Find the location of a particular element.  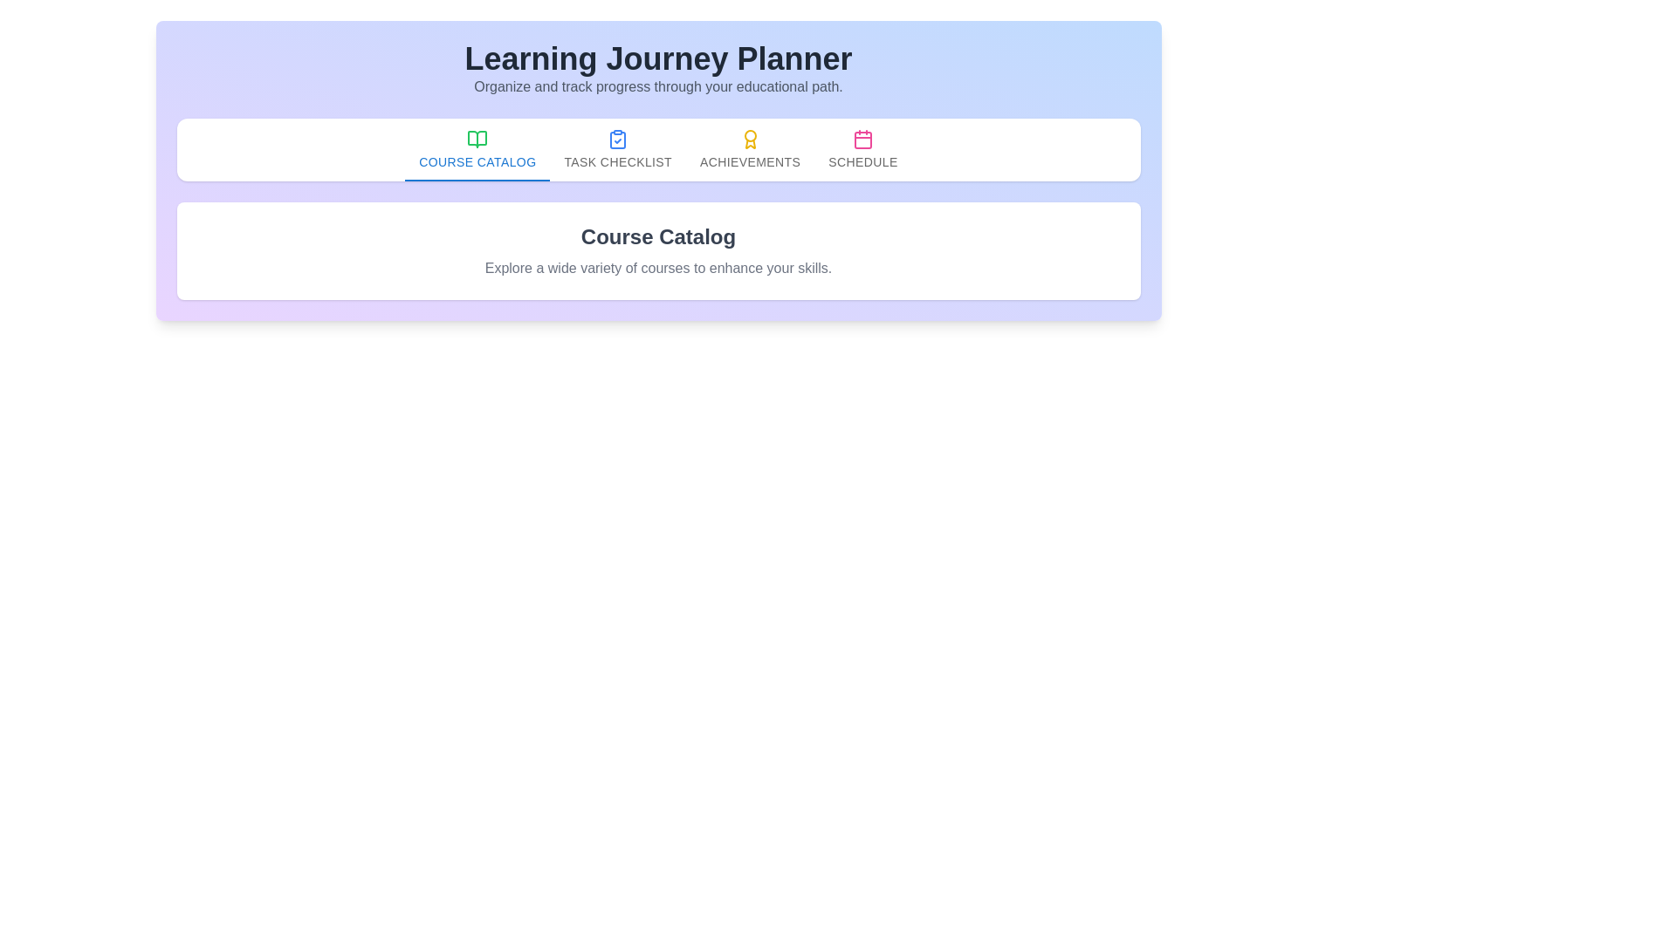

the 'SCHEDULE' tab navigation button is located at coordinates (862, 149).